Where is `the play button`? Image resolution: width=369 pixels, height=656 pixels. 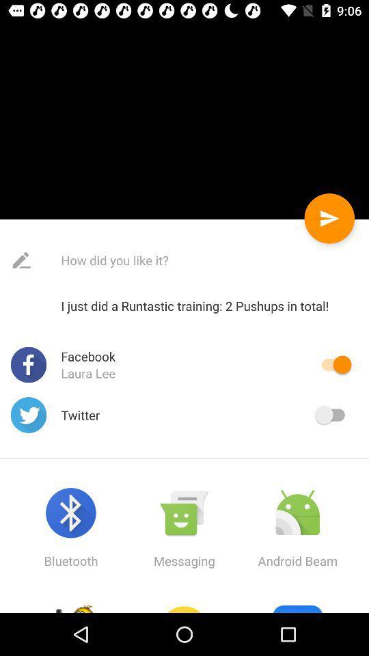
the play button is located at coordinates (329, 218).